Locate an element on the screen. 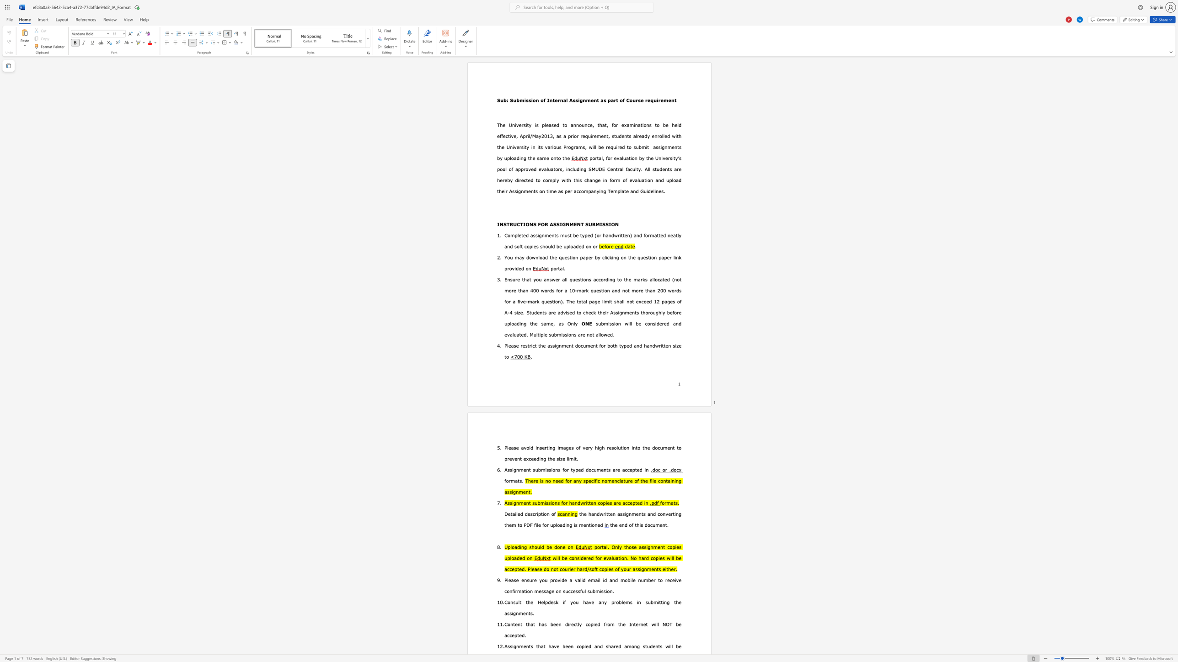 The width and height of the screenshot is (1178, 662). the subset text "nclature of the file" within the text "There is no need for any specific nomenclature of the file" is located at coordinates (614, 480).